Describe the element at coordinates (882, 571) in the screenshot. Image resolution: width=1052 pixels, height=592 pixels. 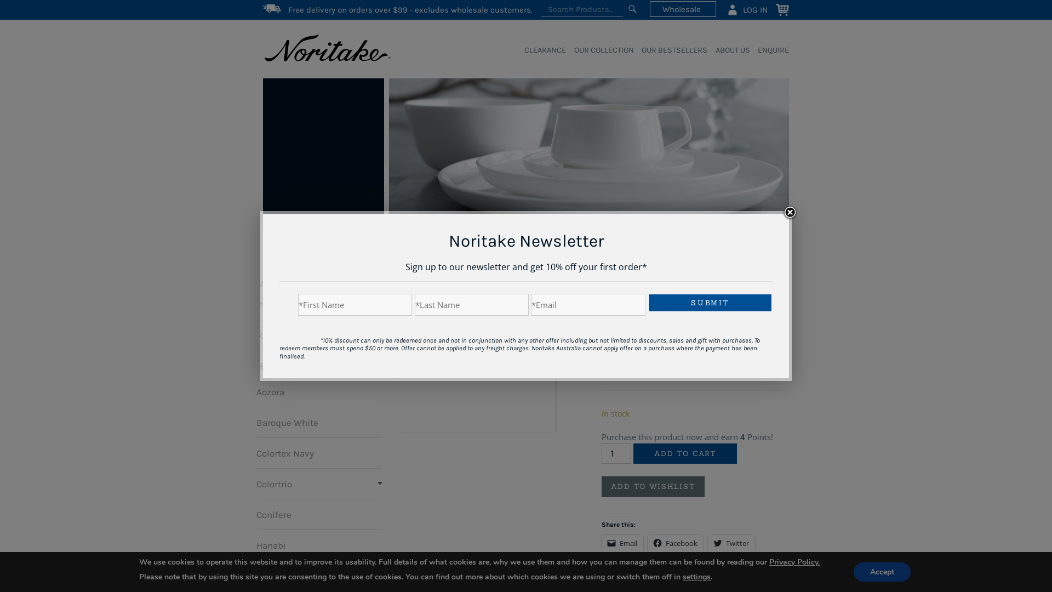
I see `'Accept'` at that location.